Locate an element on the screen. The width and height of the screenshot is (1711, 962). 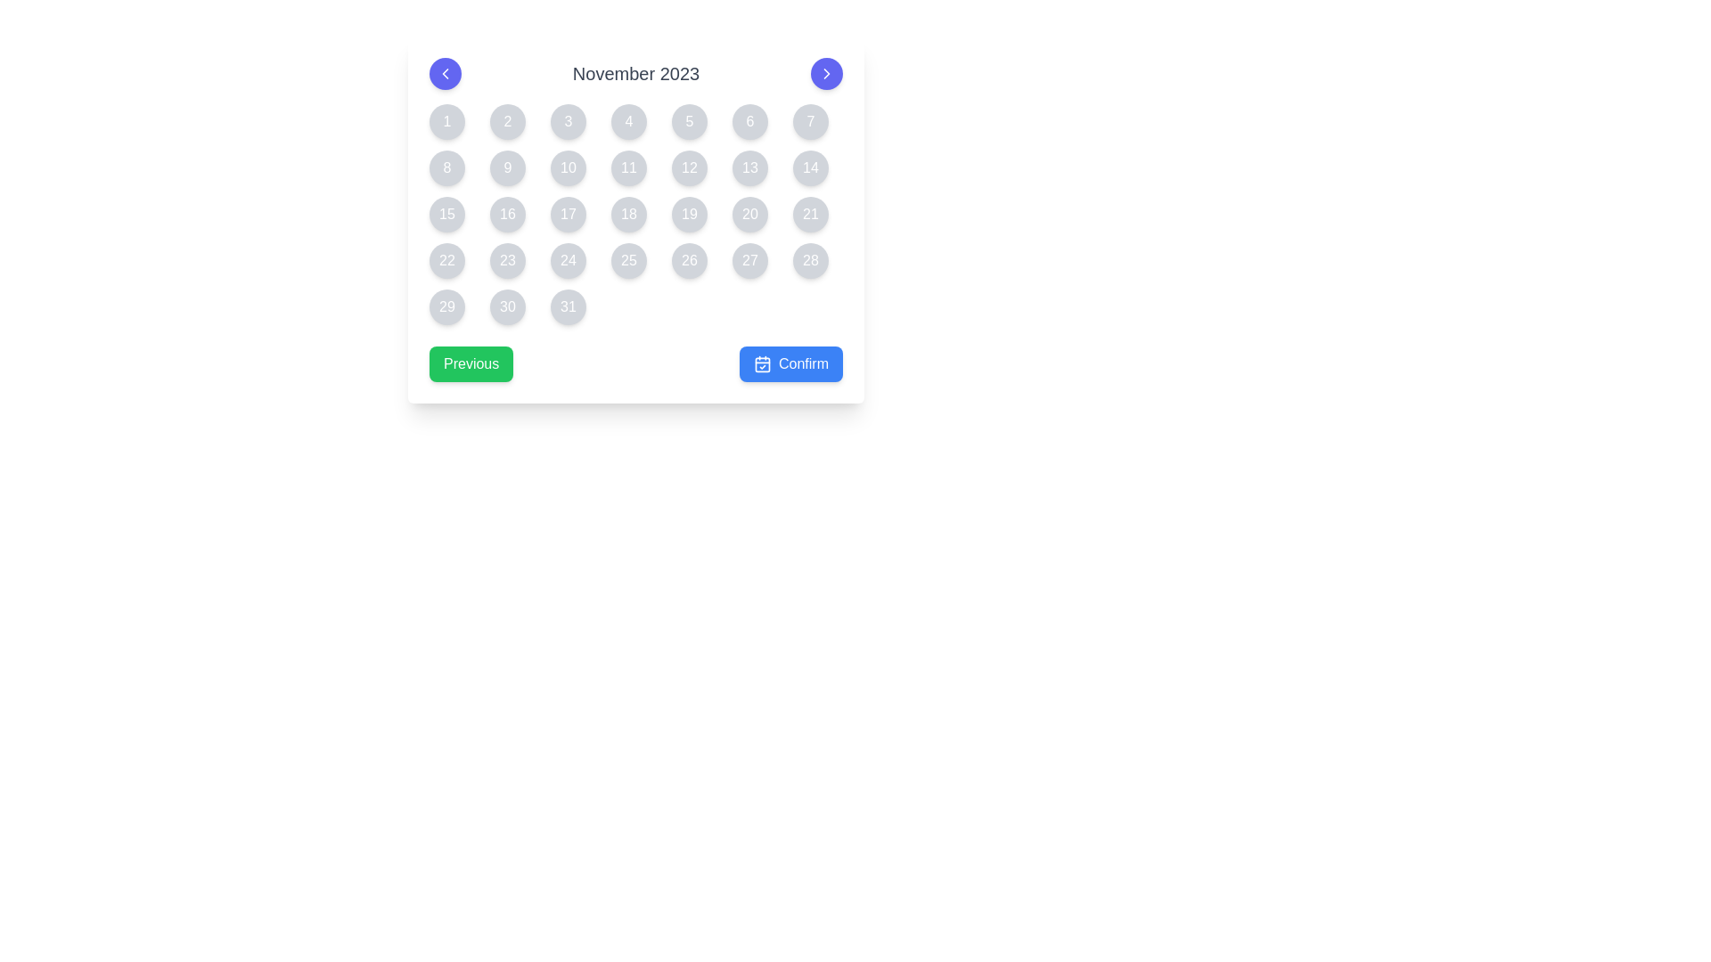
the circular button with a gray background and the text '25' is located at coordinates (628, 261).